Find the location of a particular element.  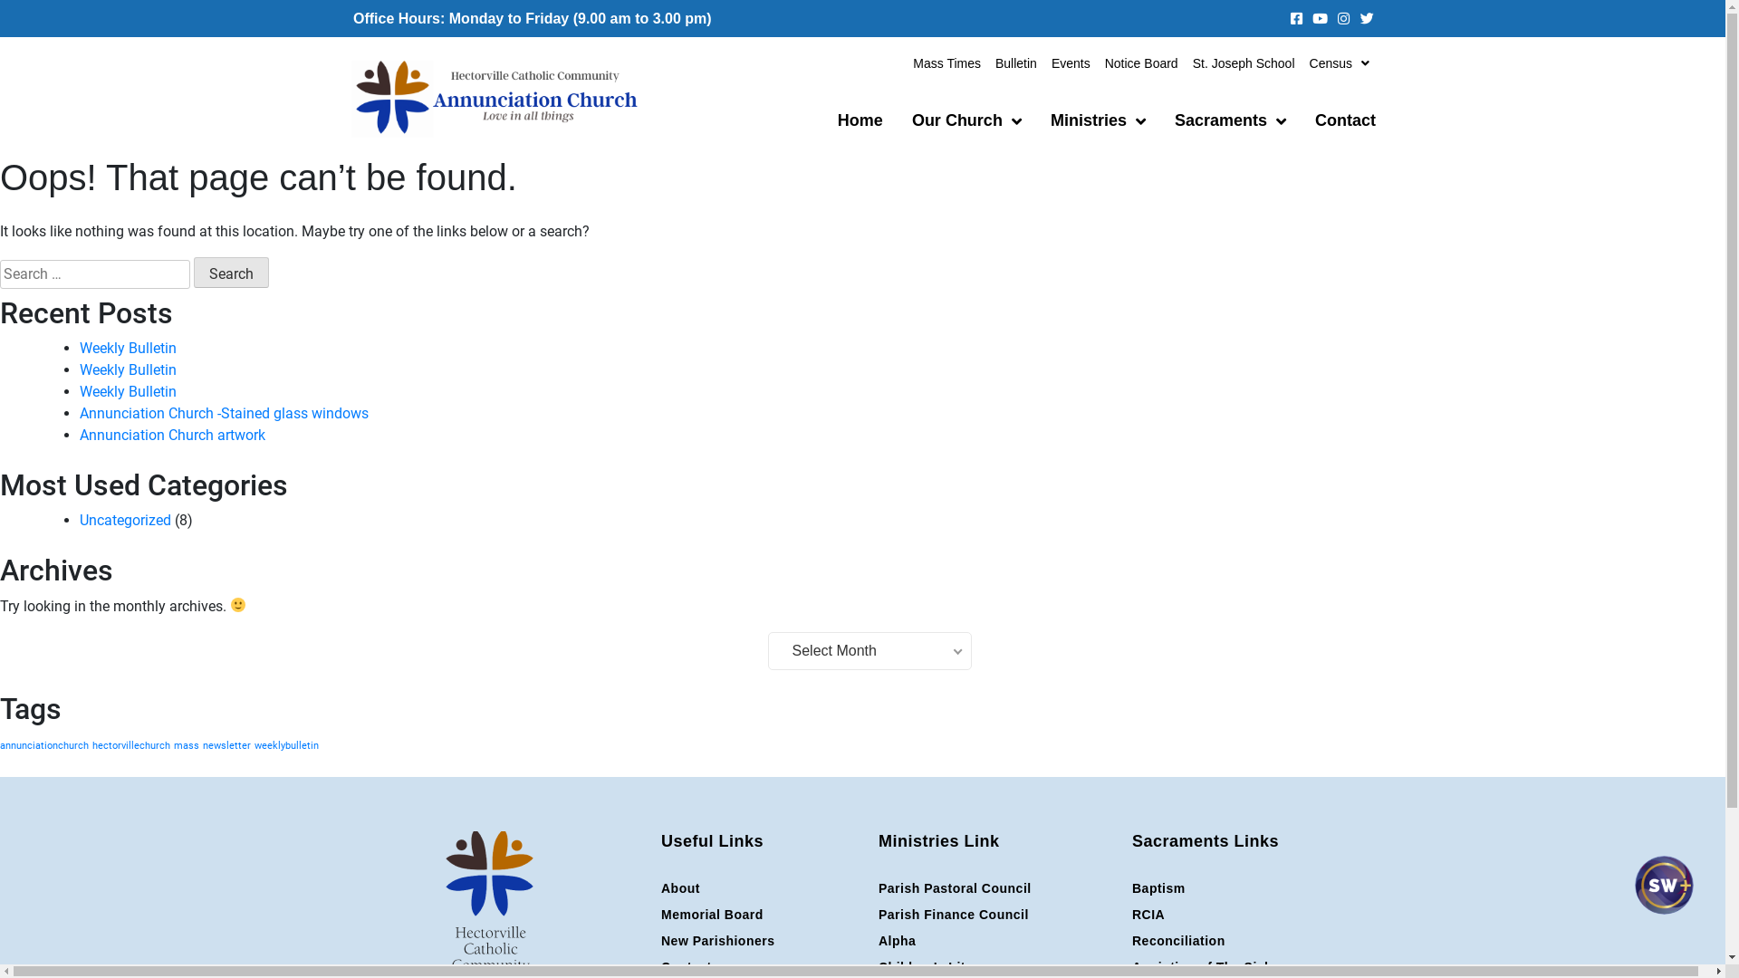

'Reconciliation' is located at coordinates (1249, 940).